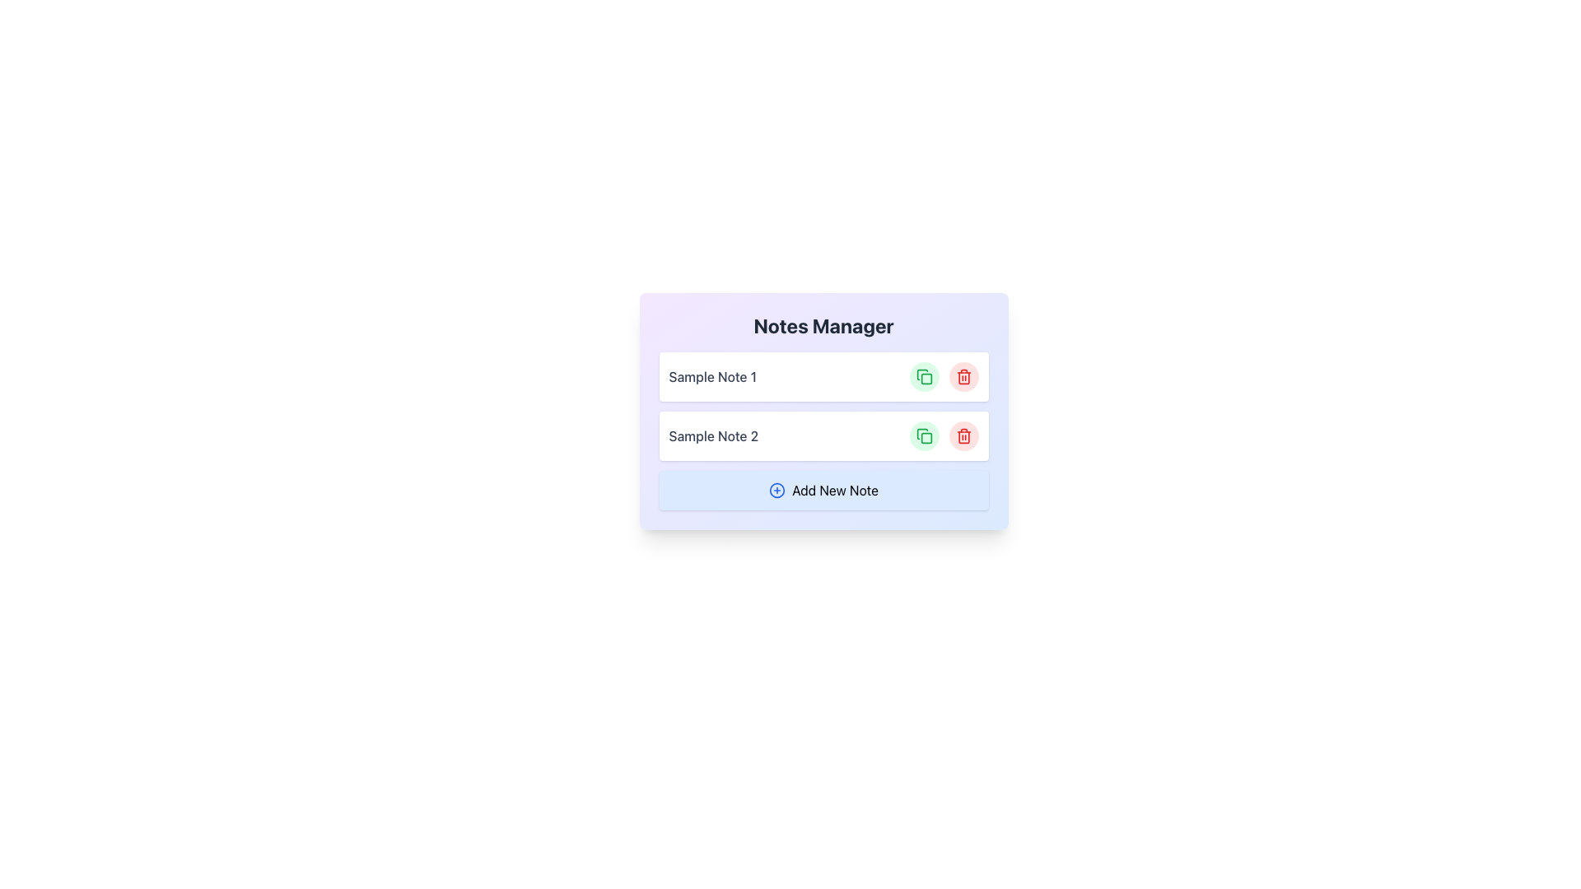  I want to click on the icon representing the action to add a new note, located to the left of the 'Add New Note' button at the bottom of the Notes Manager interface, so click(777, 490).